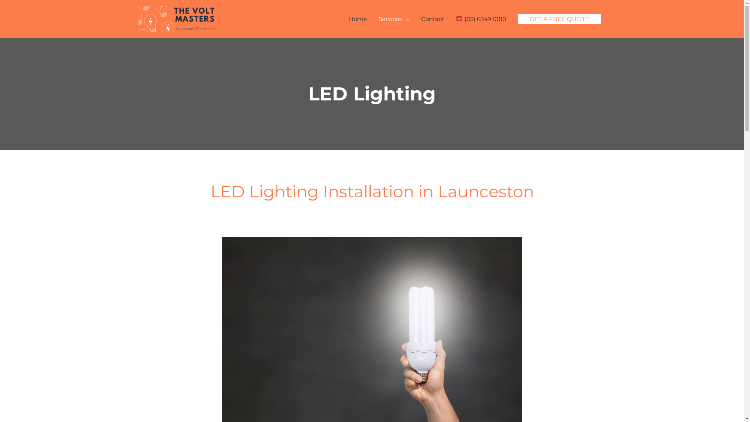  I want to click on 'Services', so click(394, 18).